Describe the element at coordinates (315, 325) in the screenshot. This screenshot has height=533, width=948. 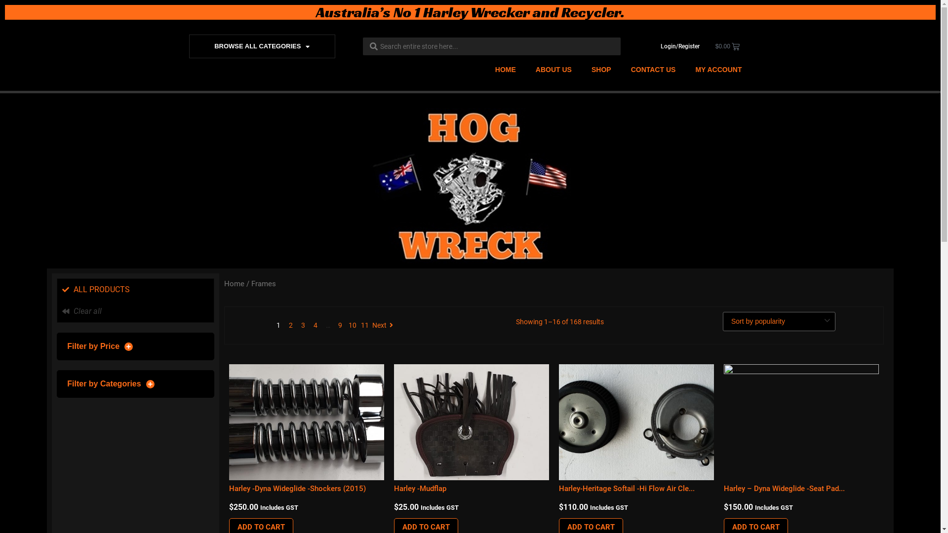
I see `'4'` at that location.